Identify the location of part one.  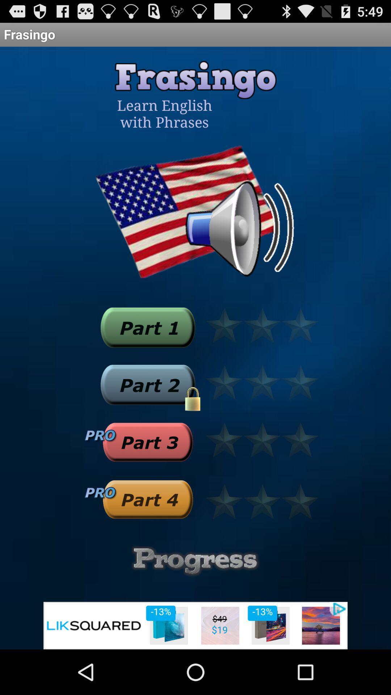
(147, 327).